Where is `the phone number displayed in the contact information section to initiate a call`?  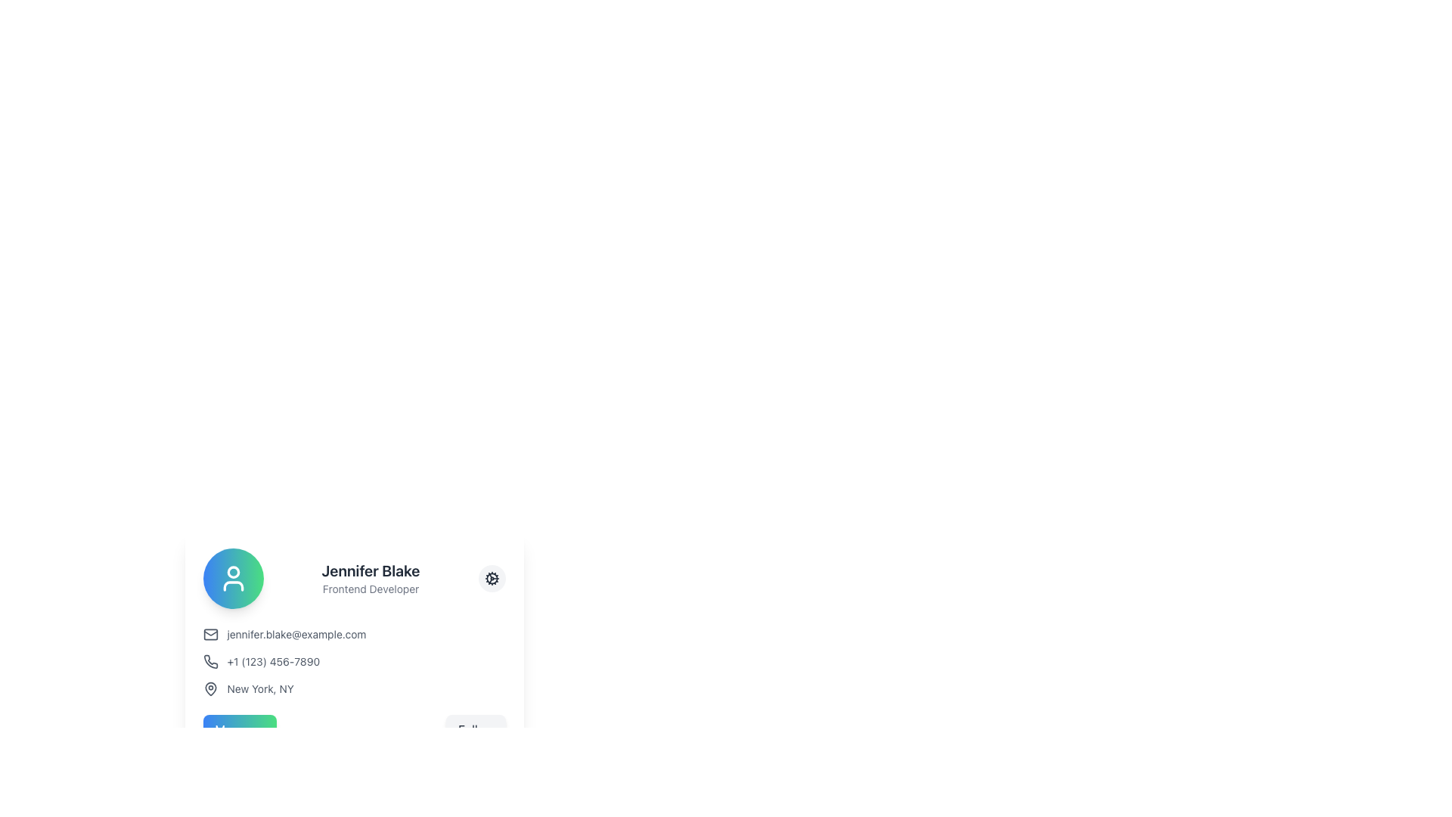
the phone number displayed in the contact information section to initiate a call is located at coordinates (353, 661).